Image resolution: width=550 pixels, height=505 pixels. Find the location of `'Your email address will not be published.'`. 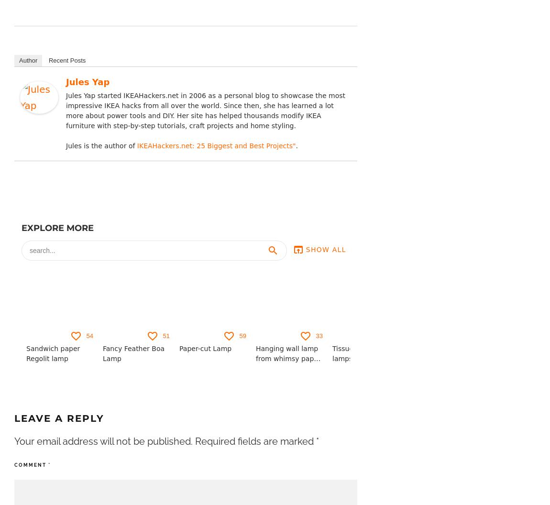

'Your email address will not be published.' is located at coordinates (103, 441).